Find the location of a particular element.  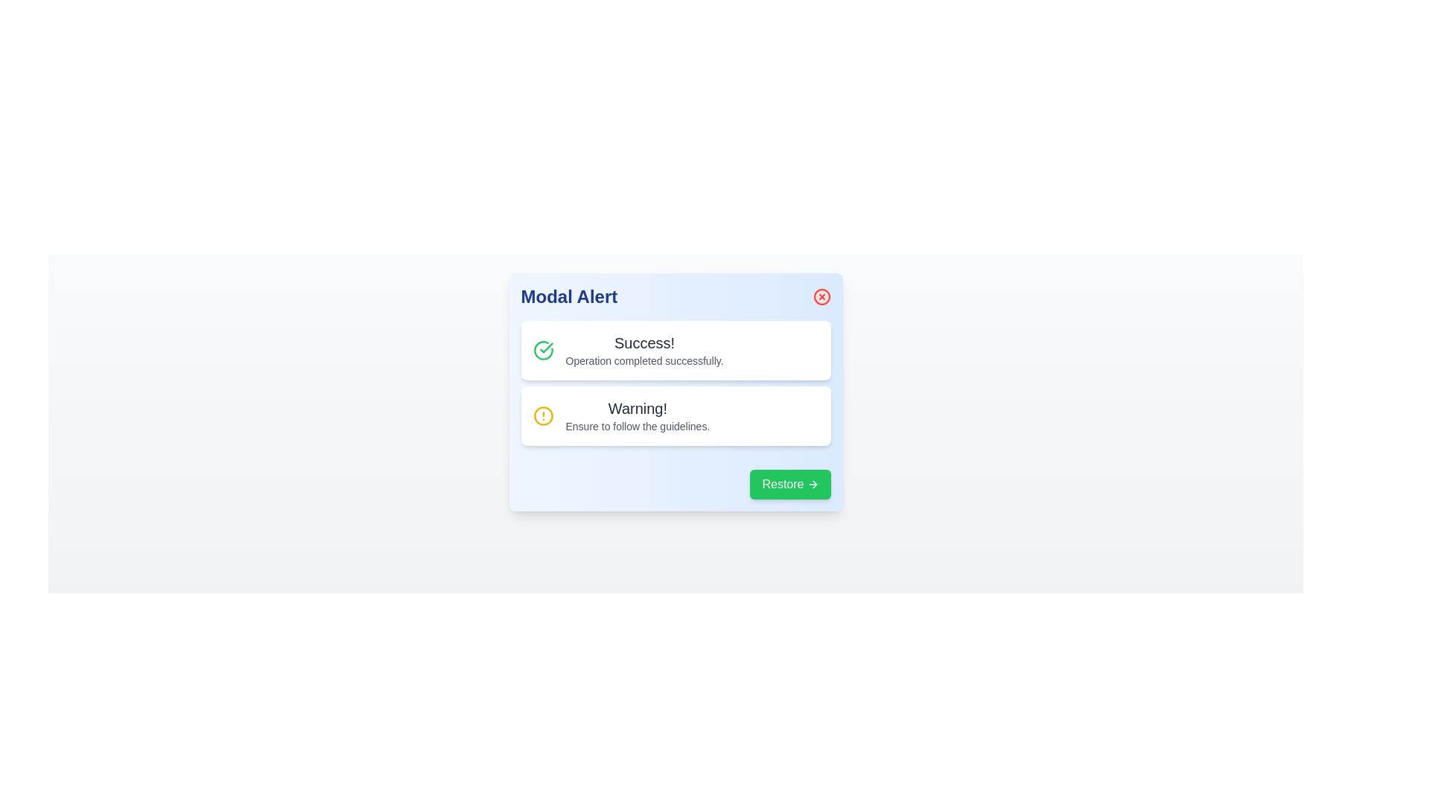

the second Notification box in the modal dialog that provides a warning message to users, located below the success alert and above the Restore button is located at coordinates (675, 416).